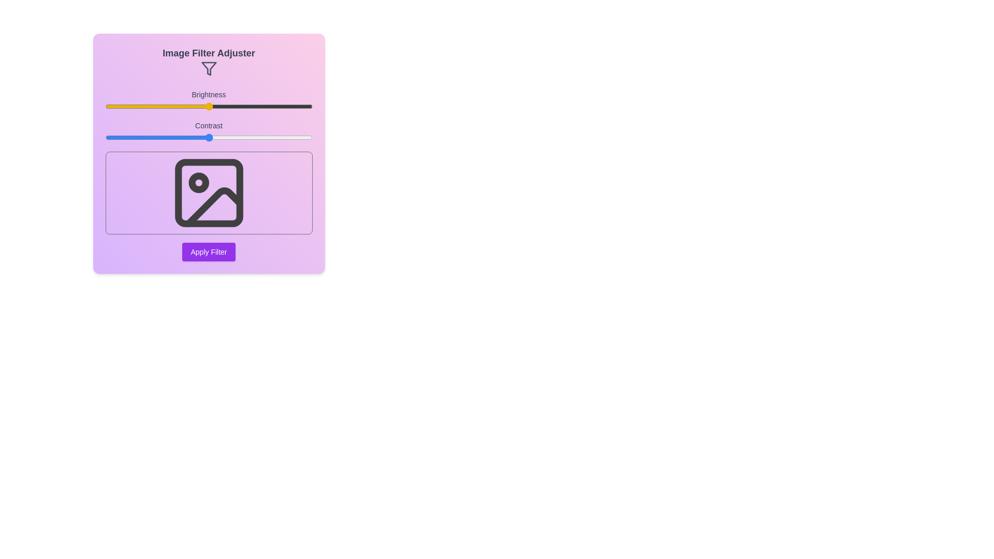 This screenshot has height=559, width=994. What do you see at coordinates (291, 106) in the screenshot?
I see `the brightness slider to 90% and observe the preview image` at bounding box center [291, 106].